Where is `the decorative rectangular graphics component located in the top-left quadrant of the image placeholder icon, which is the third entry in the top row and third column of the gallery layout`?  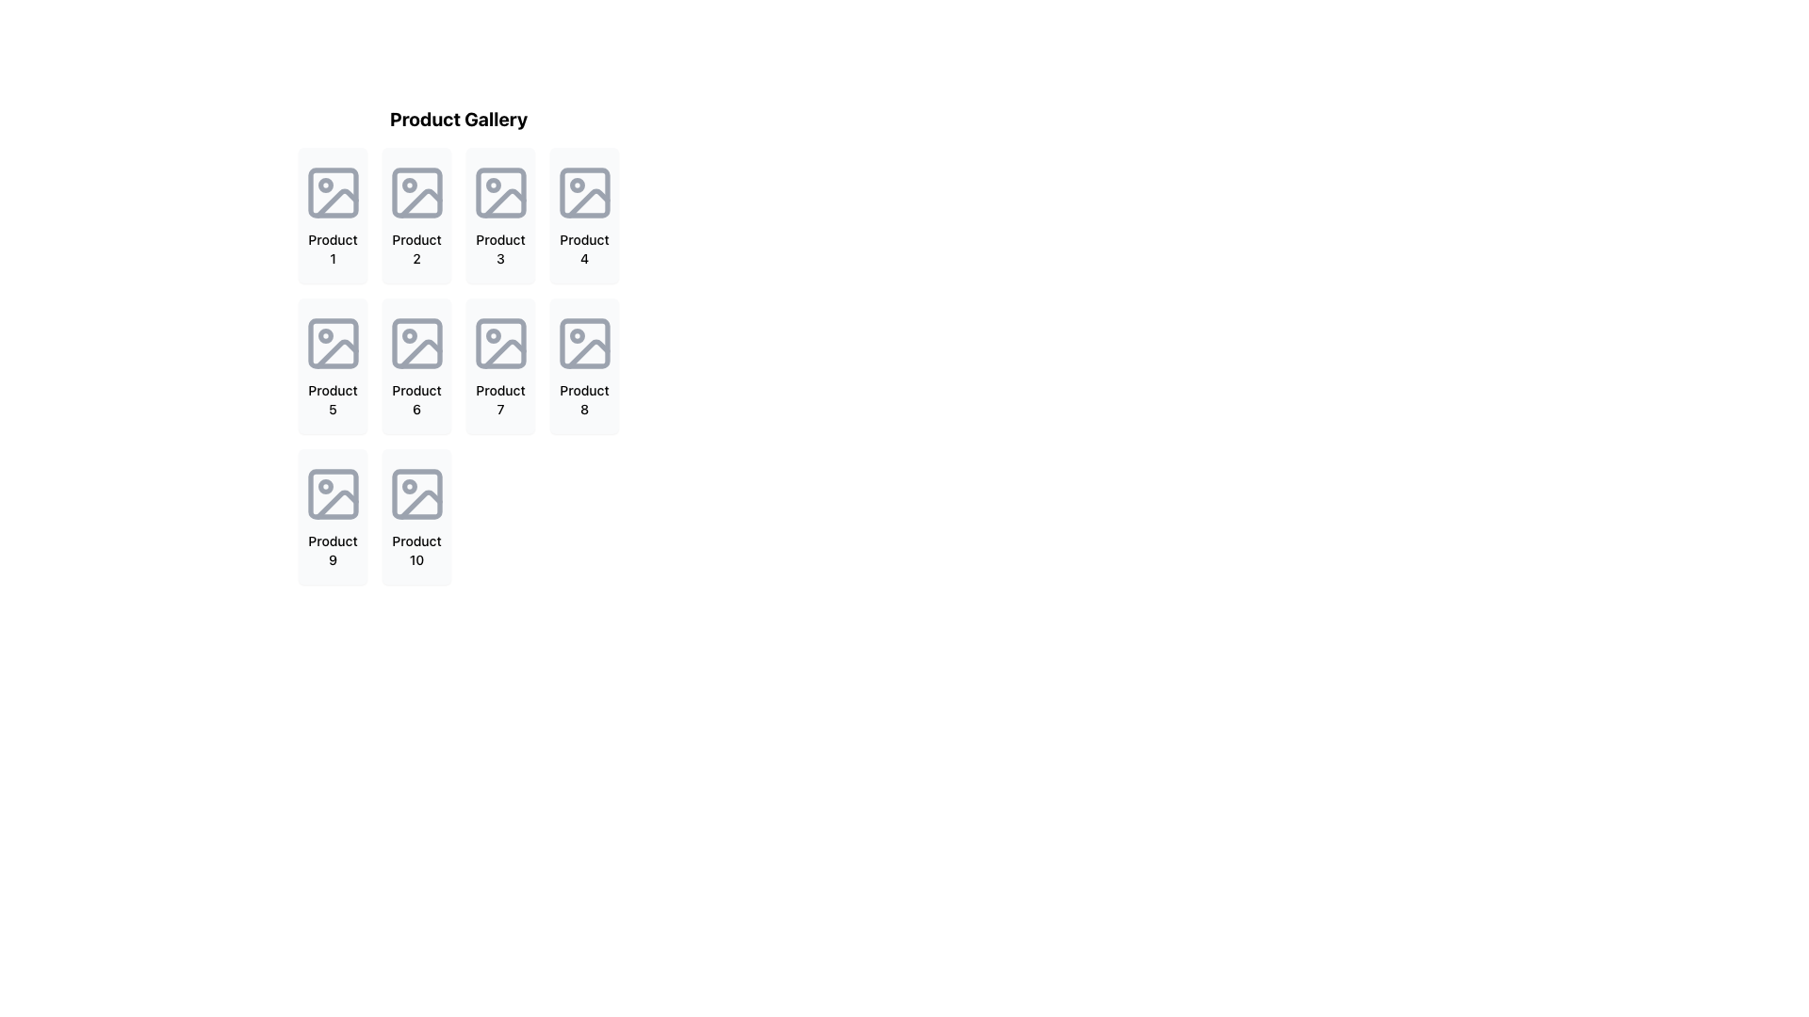 the decorative rectangular graphics component located in the top-left quadrant of the image placeholder icon, which is the third entry in the top row and third column of the gallery layout is located at coordinates (500, 192).